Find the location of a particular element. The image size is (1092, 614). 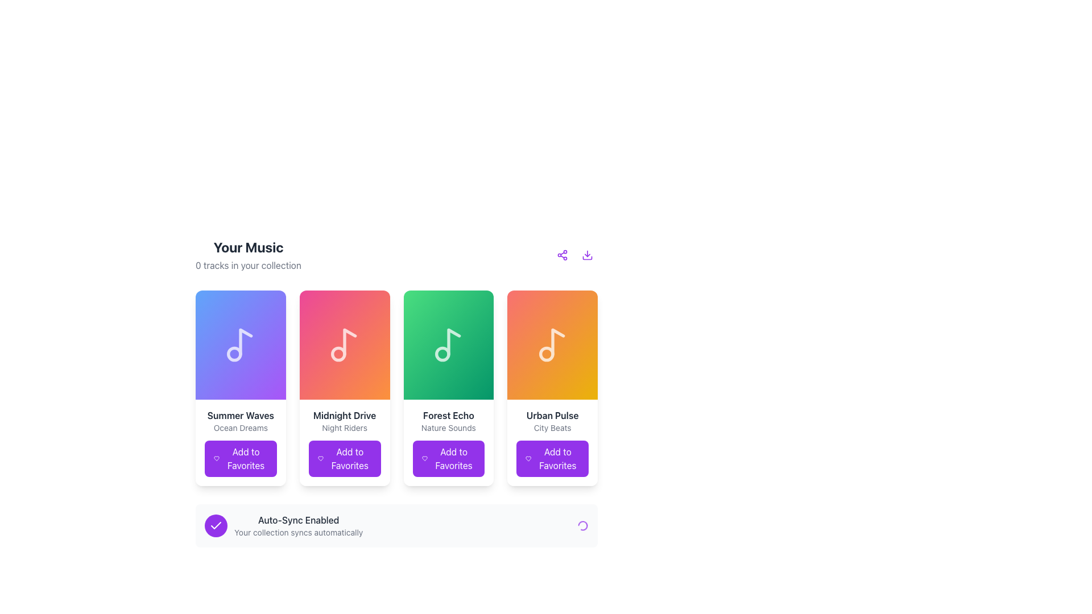

the interactive card in the top-left corner of the music library is located at coordinates (240, 387).